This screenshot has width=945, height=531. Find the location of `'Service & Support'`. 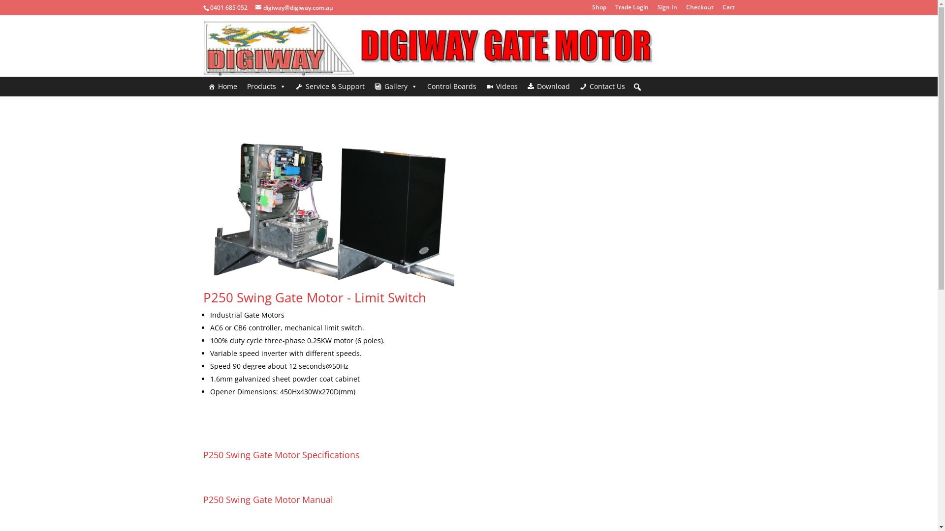

'Service & Support' is located at coordinates (330, 86).